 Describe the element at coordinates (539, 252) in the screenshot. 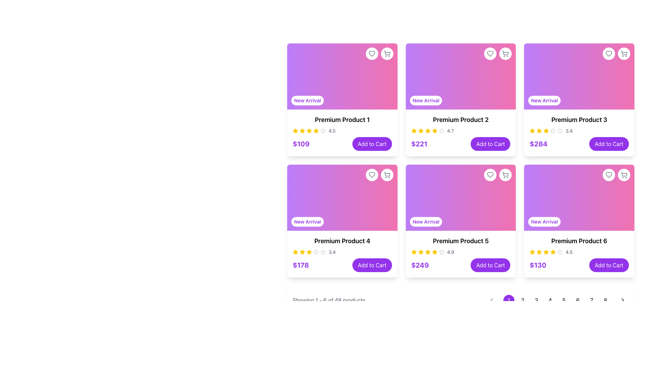

I see `the rating icon for the sixth product in the bottom-right corner of the 2x3 product grid` at that location.